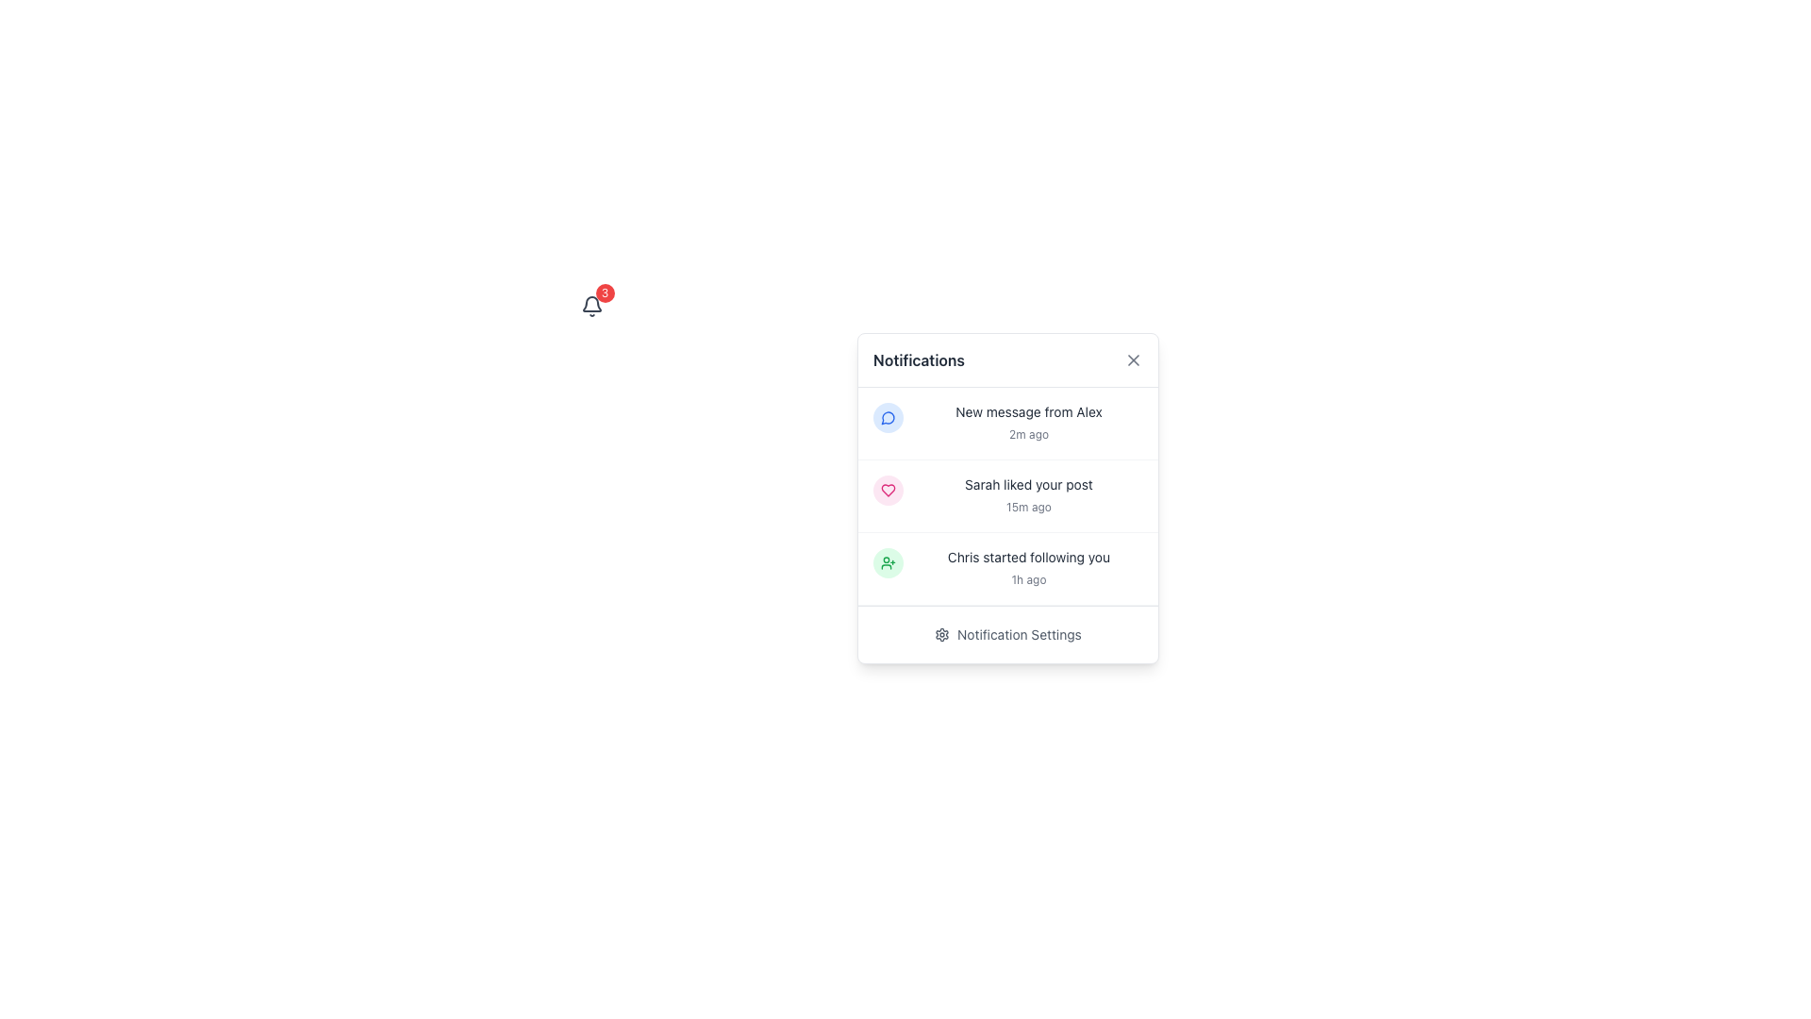 This screenshot has width=1811, height=1019. I want to click on static text element that displays the message 'Sarah liked your post,' which is styled in a smaller gray font within the middle notification item of the notification box, so click(1027, 483).